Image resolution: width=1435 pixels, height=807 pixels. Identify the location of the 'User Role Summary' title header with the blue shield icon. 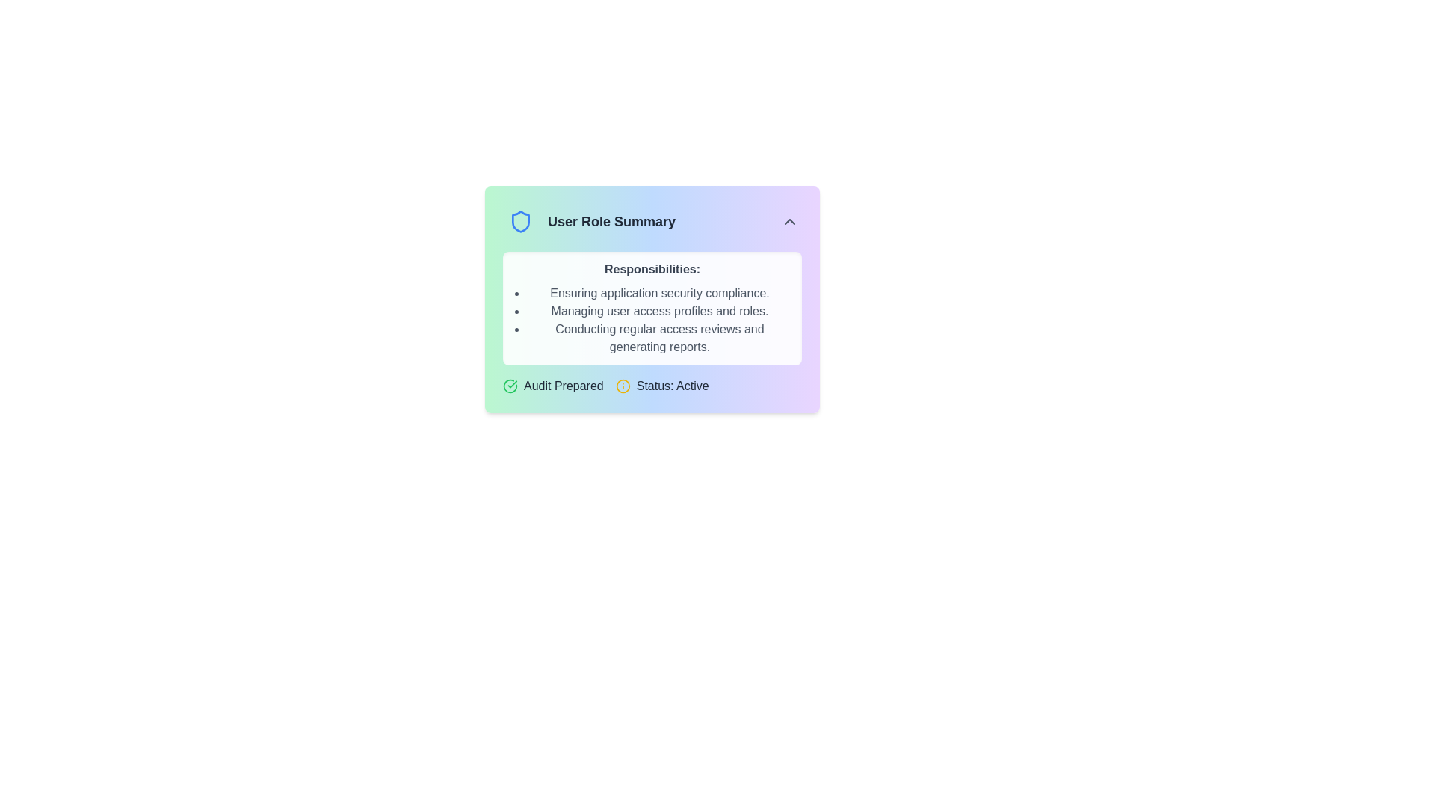
(588, 222).